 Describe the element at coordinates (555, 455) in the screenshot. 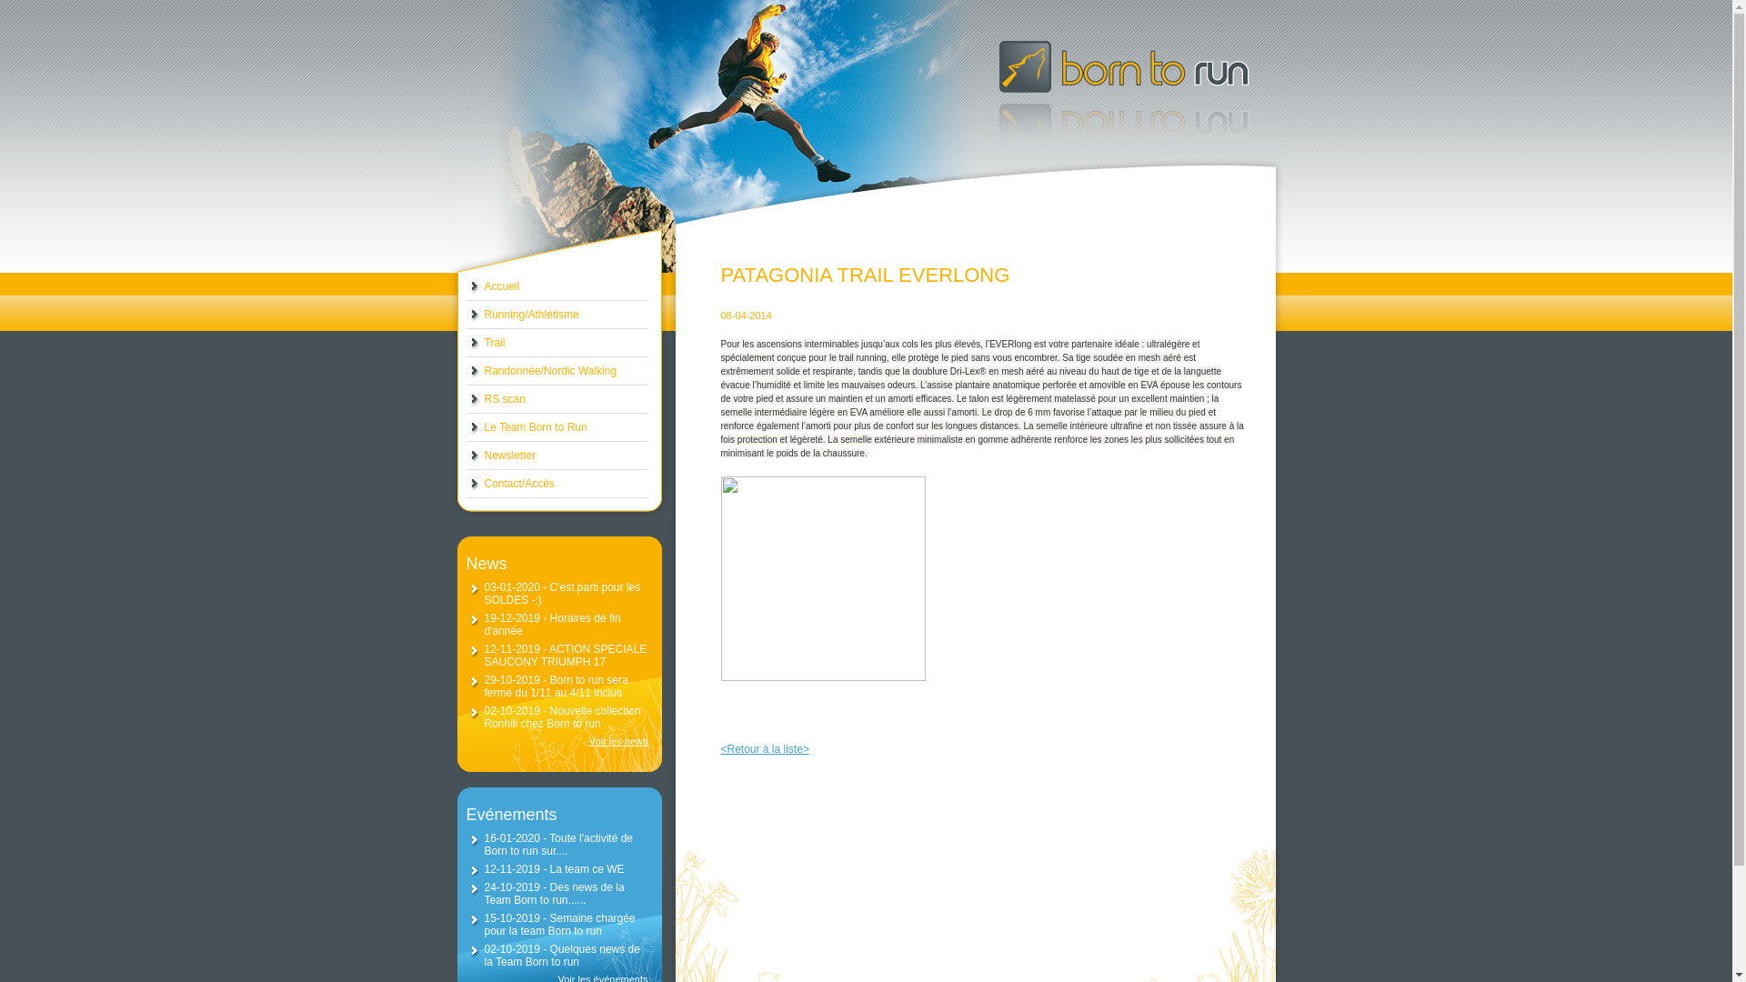

I see `'Newsletter'` at that location.